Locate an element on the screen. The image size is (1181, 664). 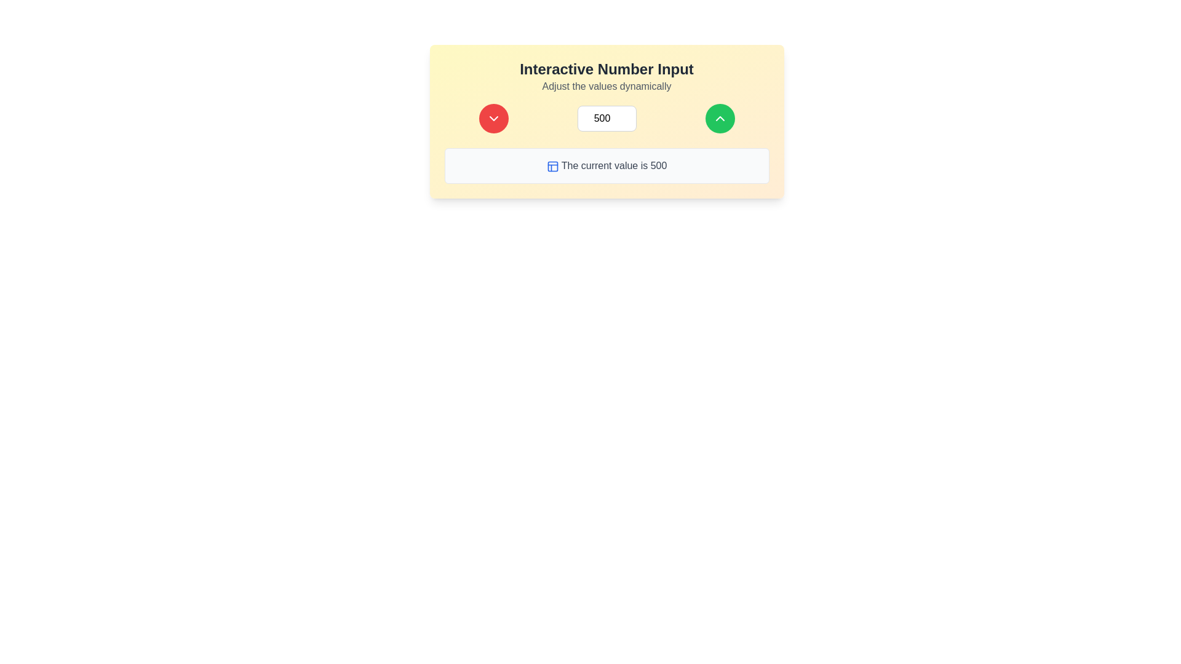
the text label that displays 'Adjust the values dynamically', which is styled in a smaller font and positioned below the bold title 'Interactive Number Input' is located at coordinates (606, 86).